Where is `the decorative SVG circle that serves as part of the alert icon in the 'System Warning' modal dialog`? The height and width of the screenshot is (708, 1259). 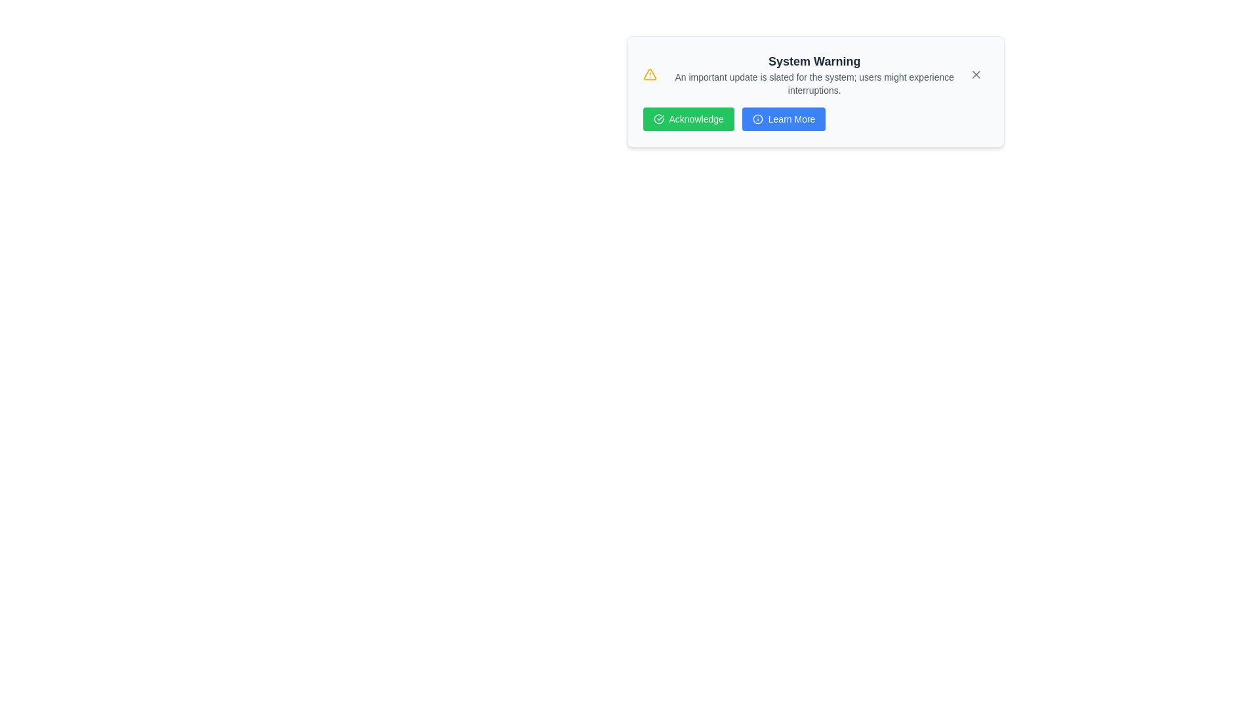 the decorative SVG circle that serves as part of the alert icon in the 'System Warning' modal dialog is located at coordinates (757, 119).